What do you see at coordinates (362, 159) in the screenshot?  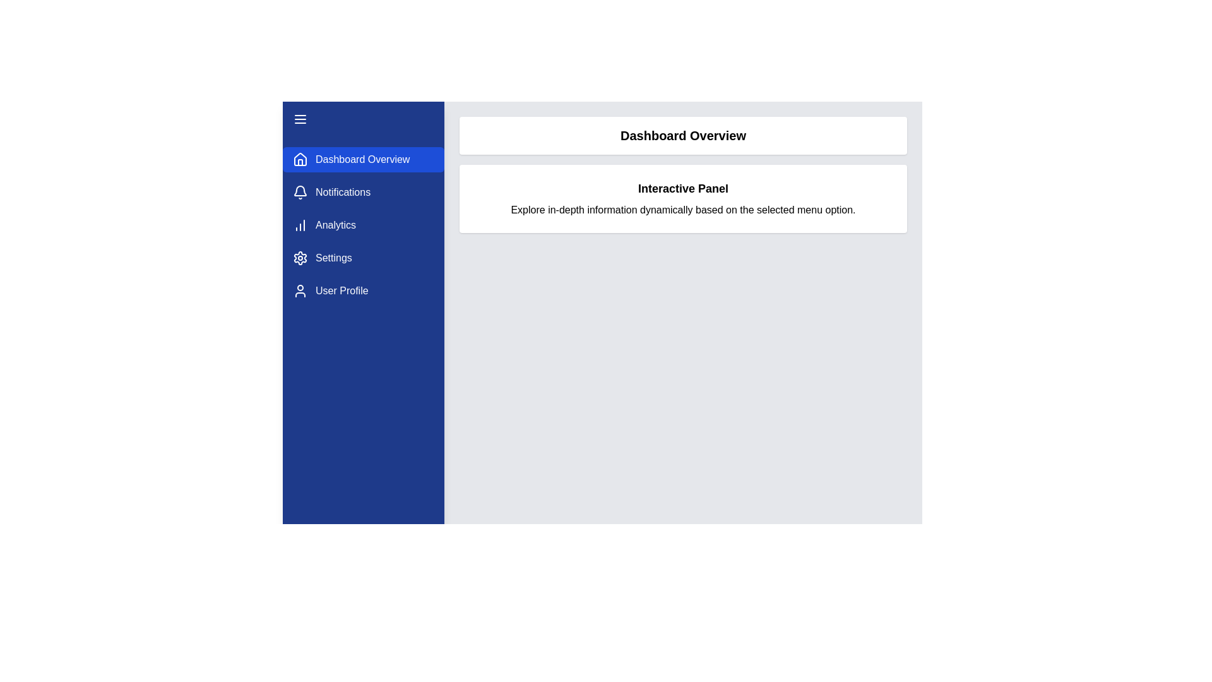 I see `the 'Dashboard Overview' text label in the left-side menu bar` at bounding box center [362, 159].